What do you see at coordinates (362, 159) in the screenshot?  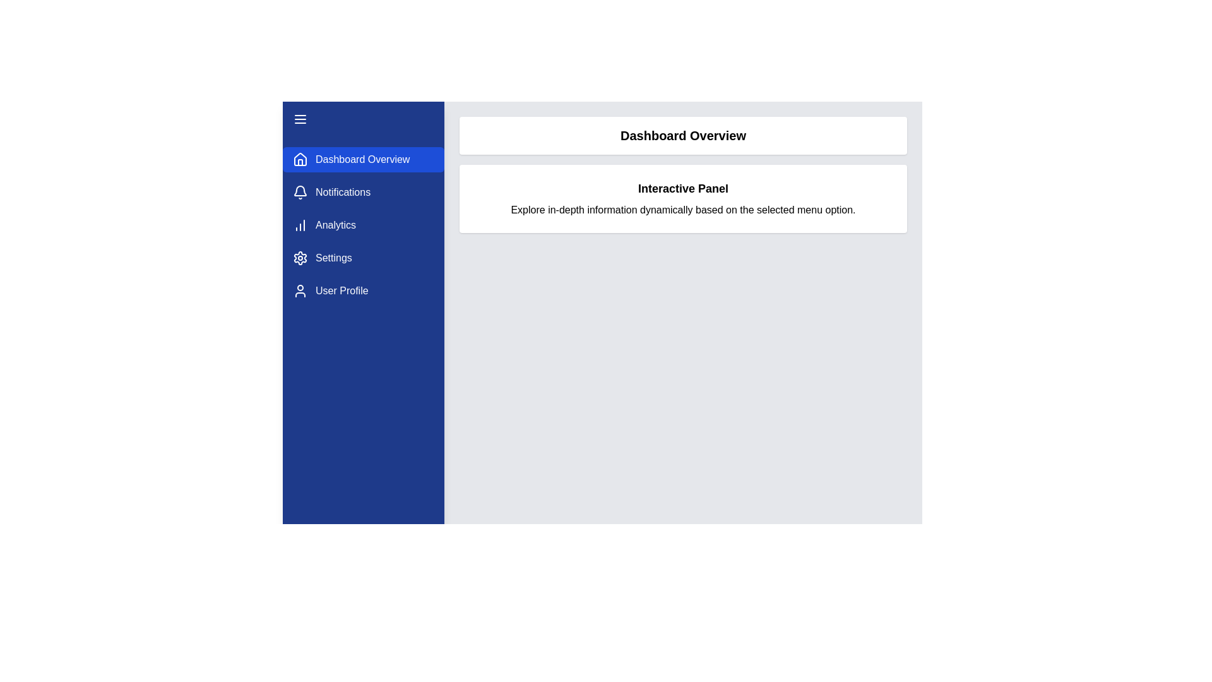 I see `the 'Dashboard Overview' text label in the left-side menu bar` at bounding box center [362, 159].